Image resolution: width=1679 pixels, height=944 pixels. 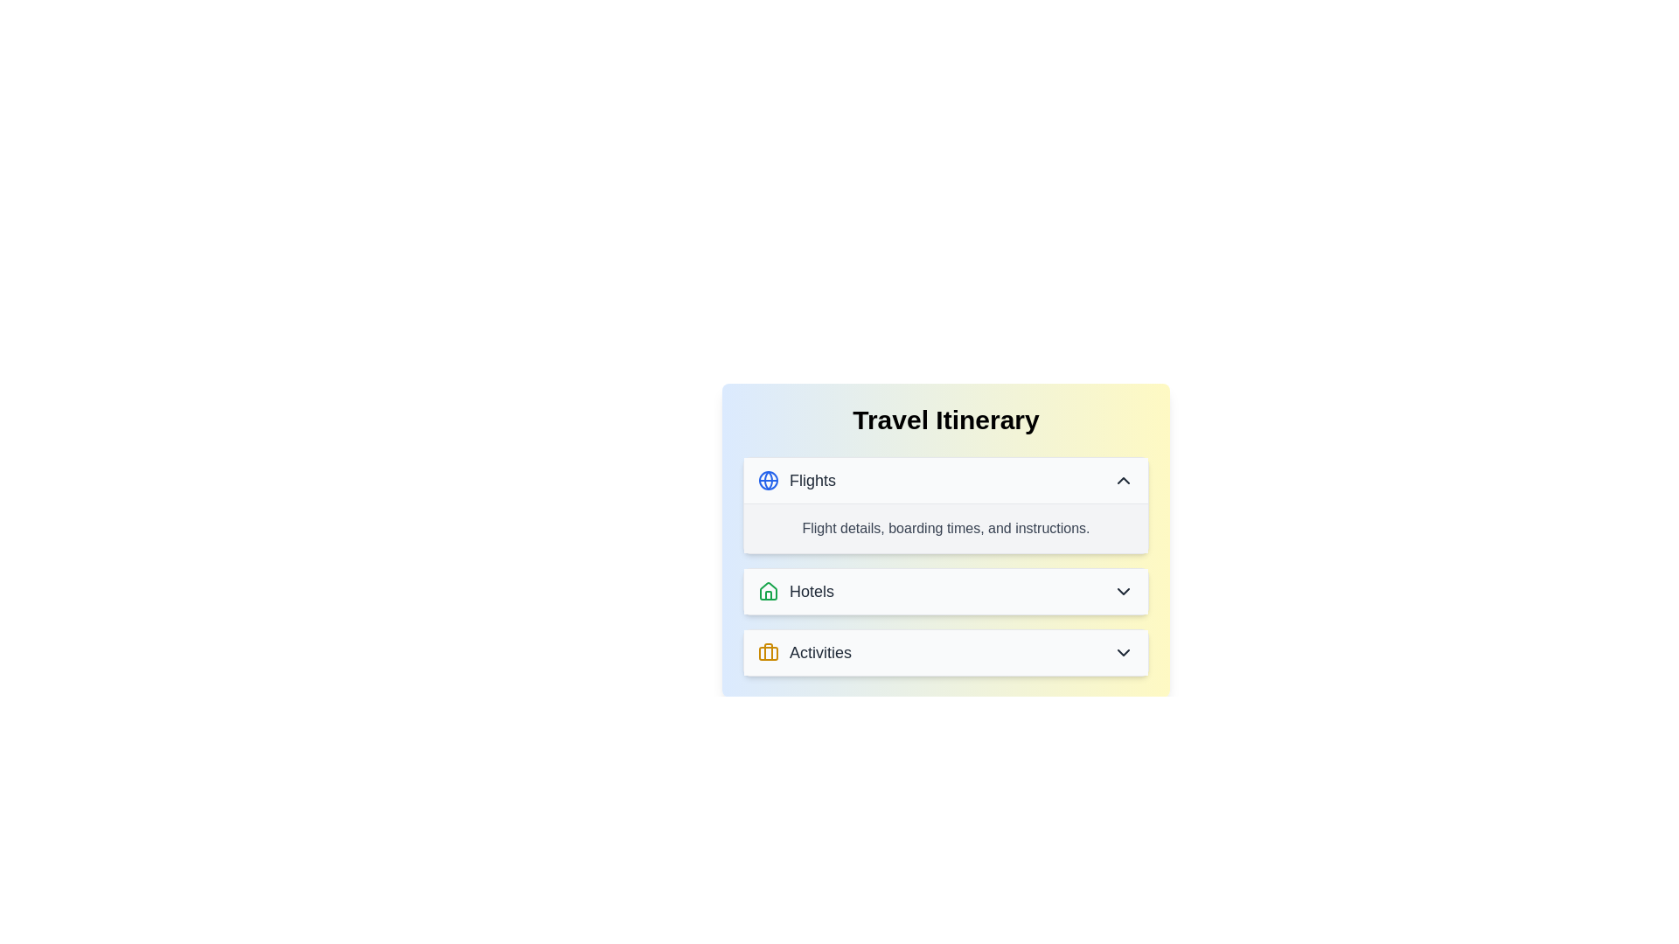 I want to click on the 'Flights' header item, which features a blue globe icon and bold dark gray text, so click(x=796, y=481).